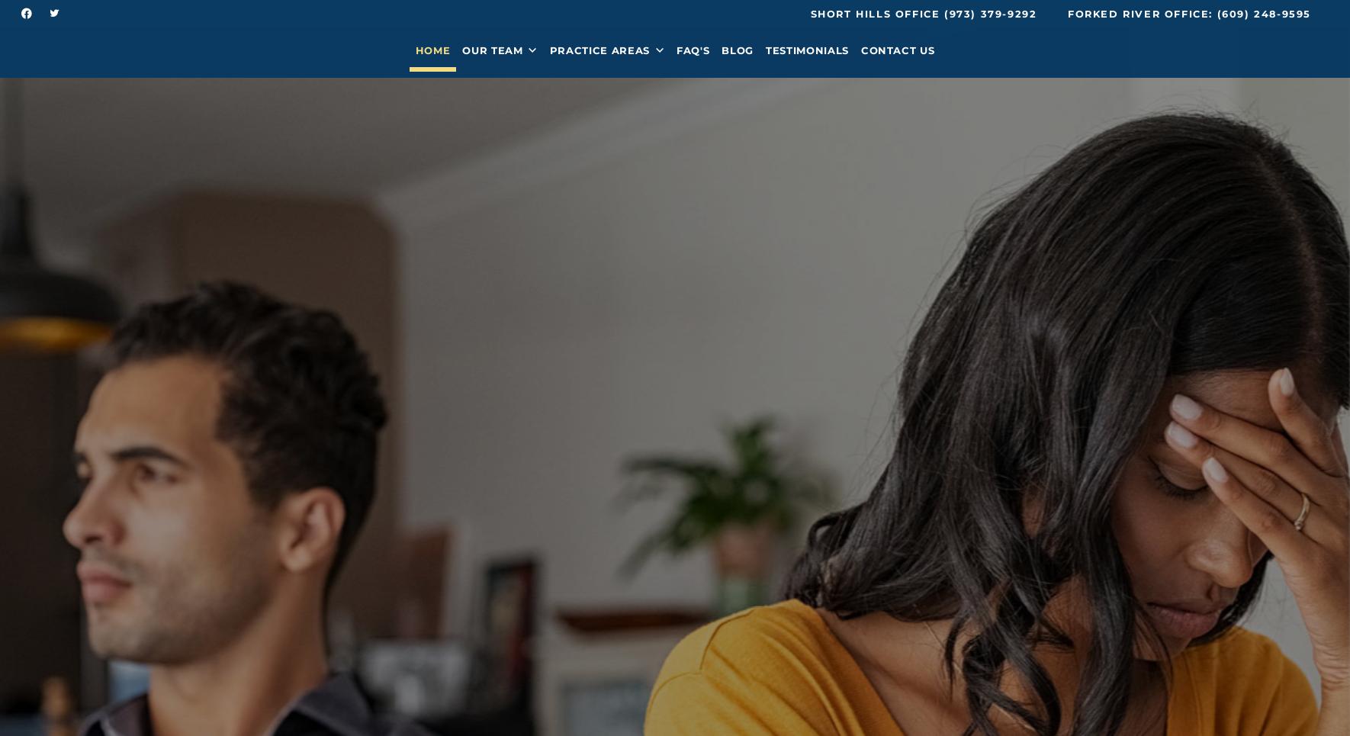  Describe the element at coordinates (432, 55) in the screenshot. I see `'Home'` at that location.